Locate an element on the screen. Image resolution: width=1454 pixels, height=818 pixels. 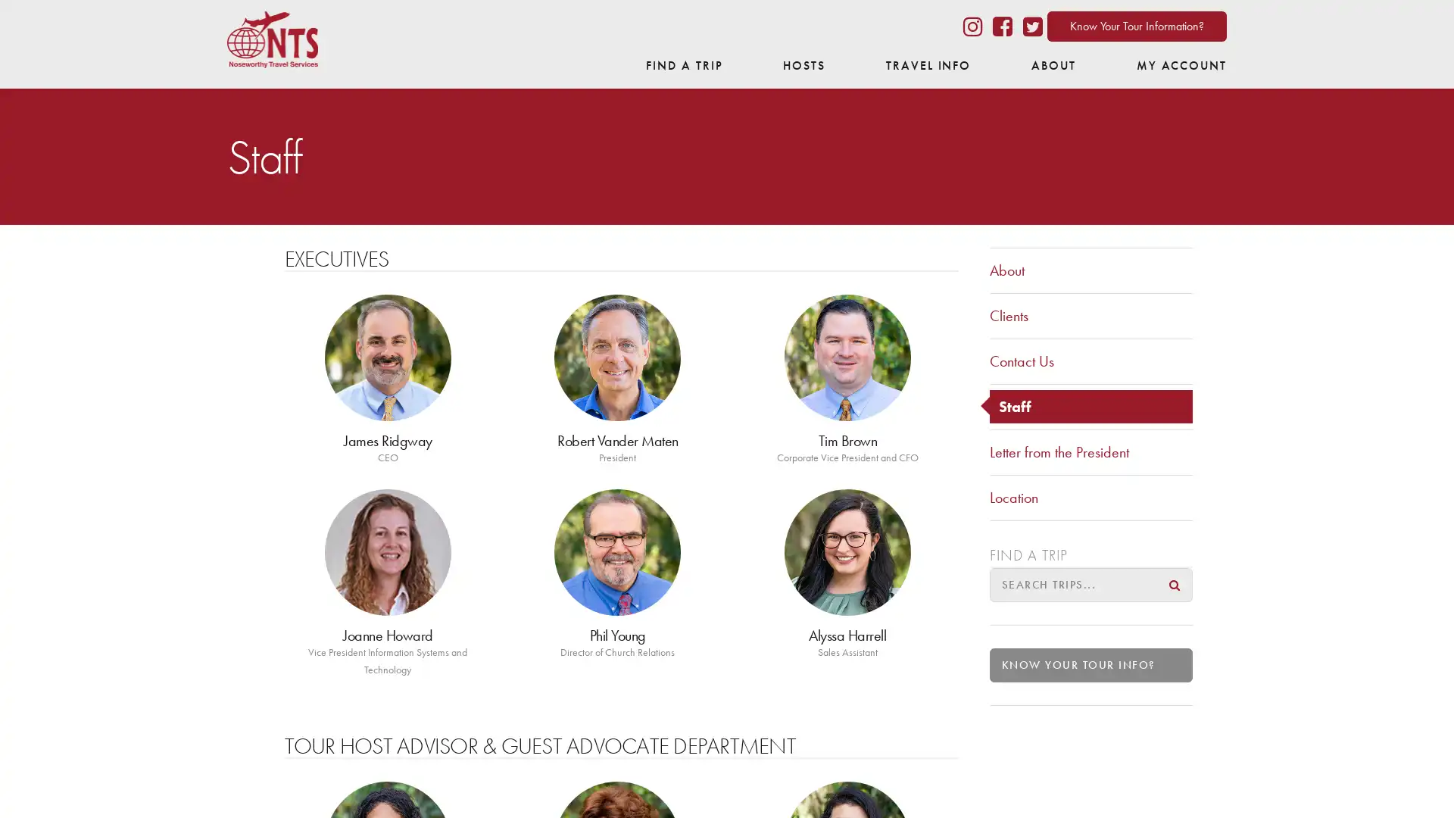
SEARCH is located at coordinates (1174, 583).